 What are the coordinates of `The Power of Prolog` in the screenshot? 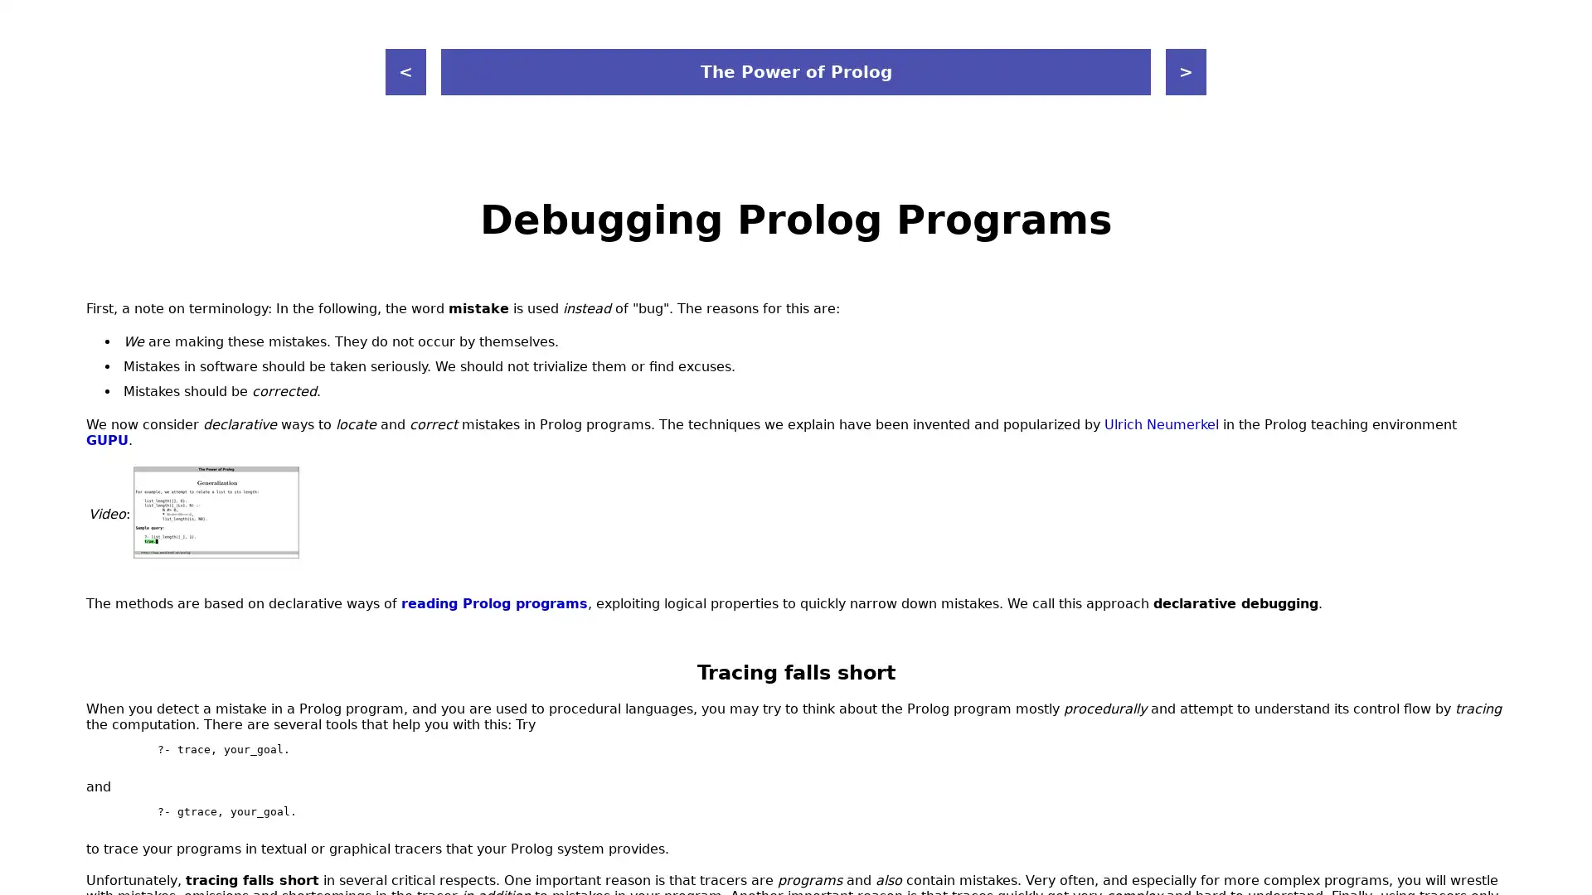 It's located at (796, 71).